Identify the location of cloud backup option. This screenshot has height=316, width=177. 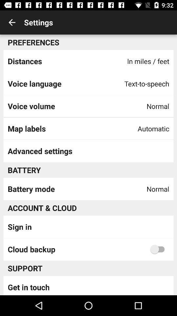
(159, 249).